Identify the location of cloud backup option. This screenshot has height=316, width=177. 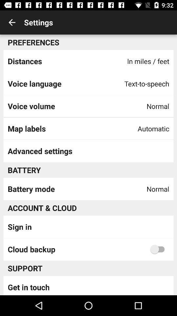
(159, 249).